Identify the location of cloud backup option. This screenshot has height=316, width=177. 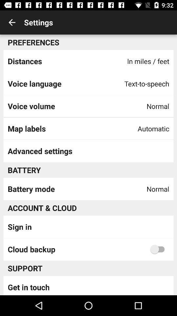
(159, 249).